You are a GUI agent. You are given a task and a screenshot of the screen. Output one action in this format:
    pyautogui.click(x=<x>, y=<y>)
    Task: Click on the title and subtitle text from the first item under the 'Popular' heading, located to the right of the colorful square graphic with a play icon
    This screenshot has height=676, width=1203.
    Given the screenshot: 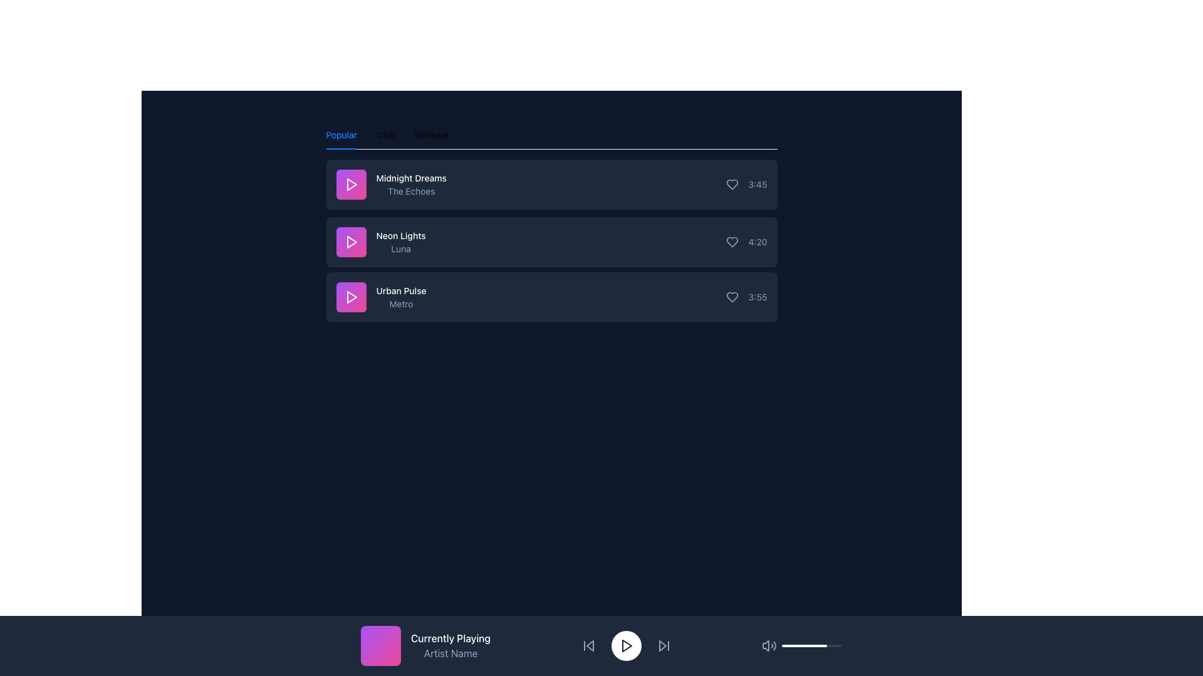 What is the action you would take?
    pyautogui.click(x=411, y=184)
    